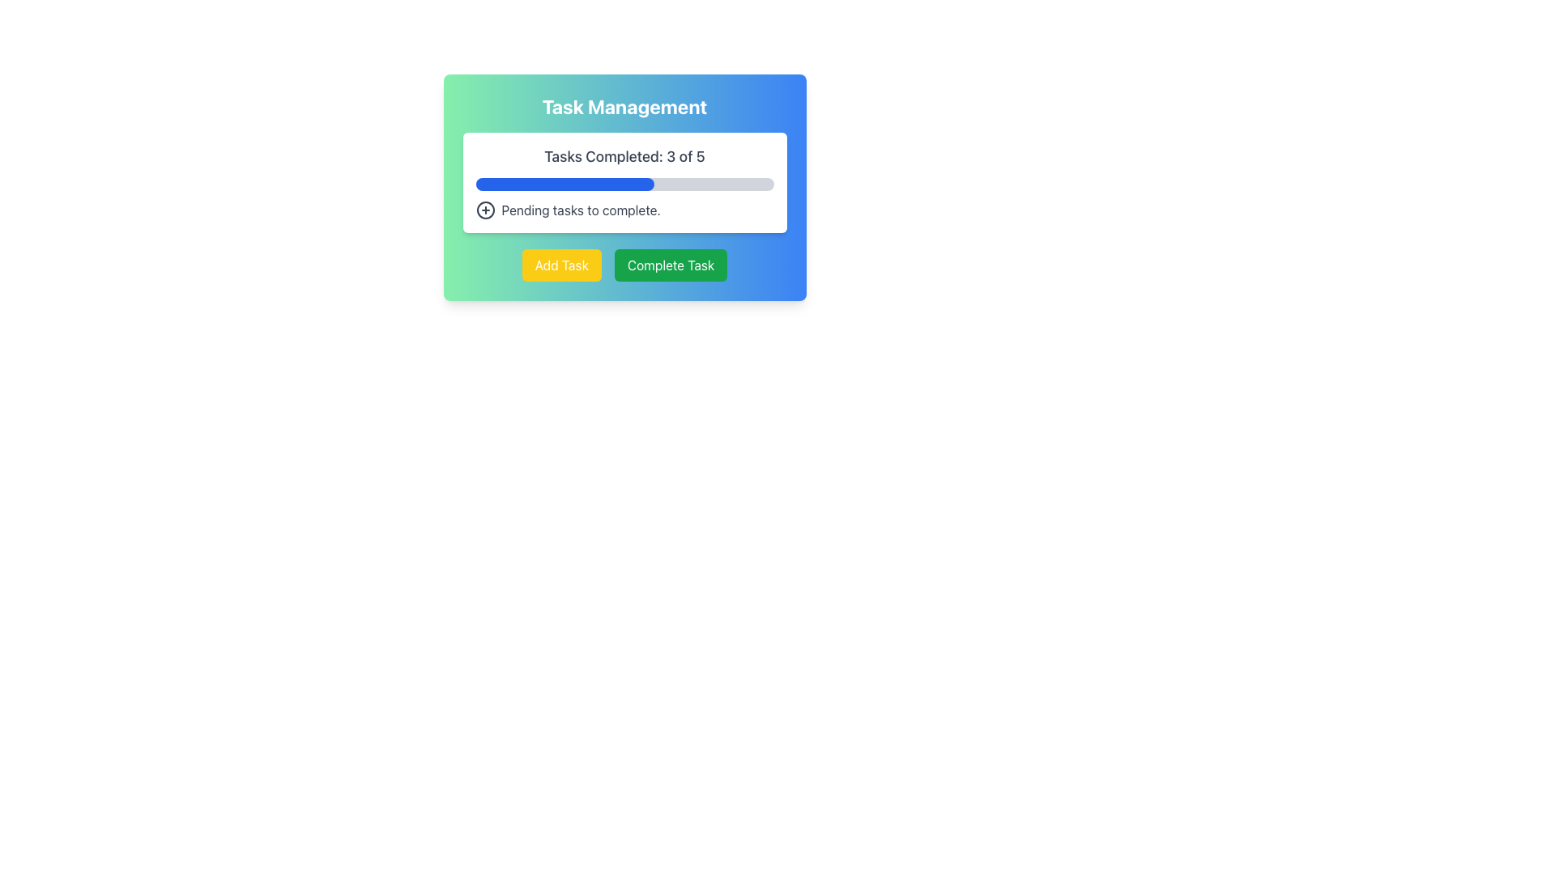 The height and width of the screenshot is (874, 1555). I want to click on the Progress Indicator with Supporting Text located beneath the 'Task Management' heading and above the 'Add Task' and 'Complete Task' buttons, so click(624, 182).